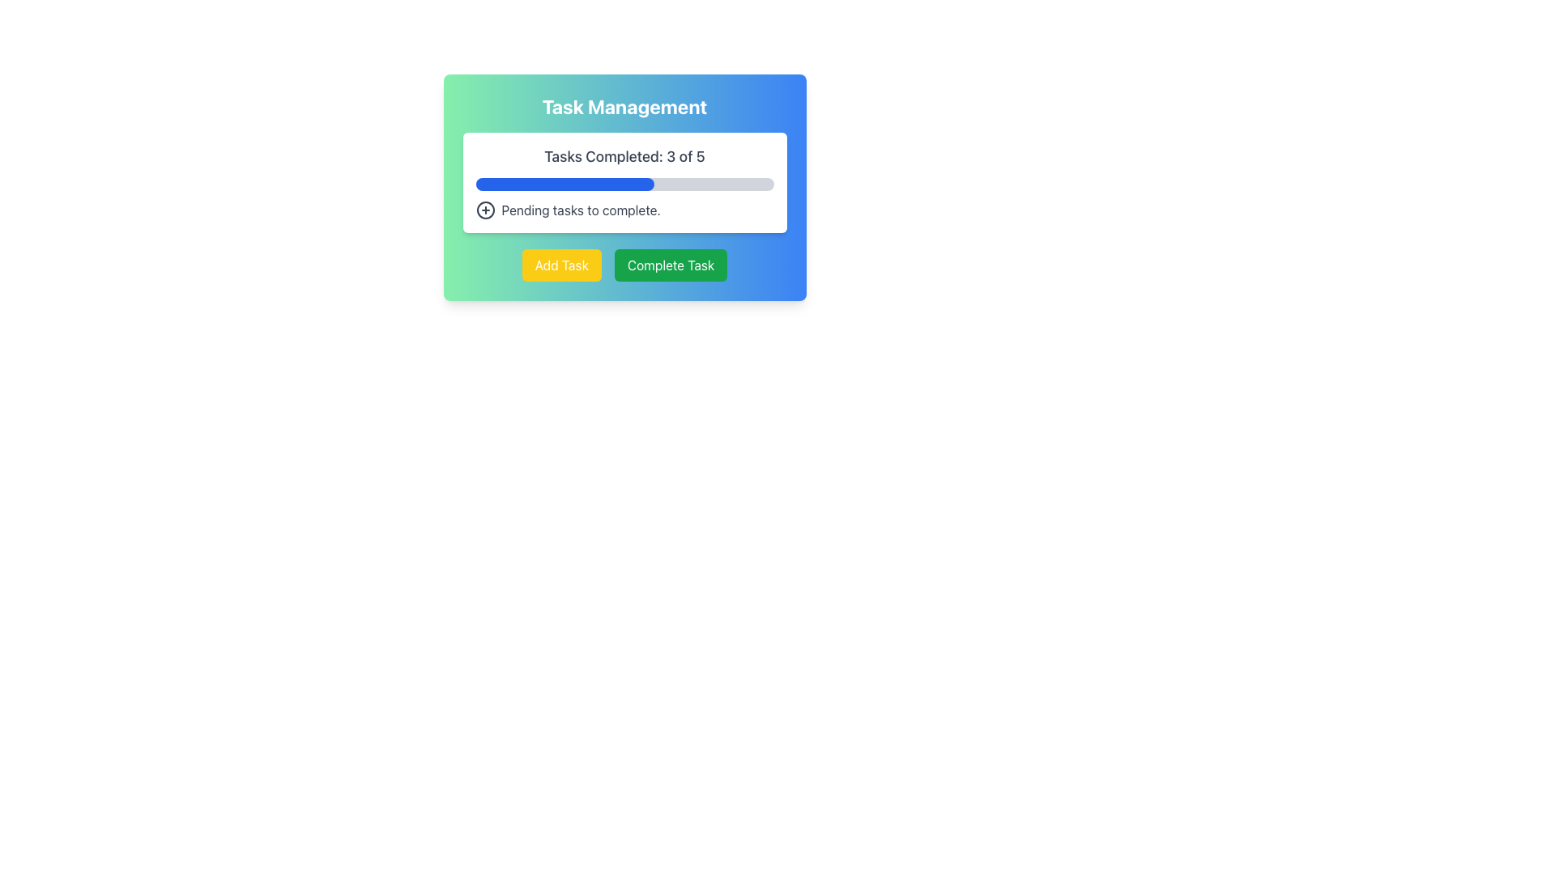 The height and width of the screenshot is (874, 1555). I want to click on the Progress Indicator with Supporting Text located beneath the 'Task Management' heading and above the 'Add Task' and 'Complete Task' buttons, so click(624, 182).